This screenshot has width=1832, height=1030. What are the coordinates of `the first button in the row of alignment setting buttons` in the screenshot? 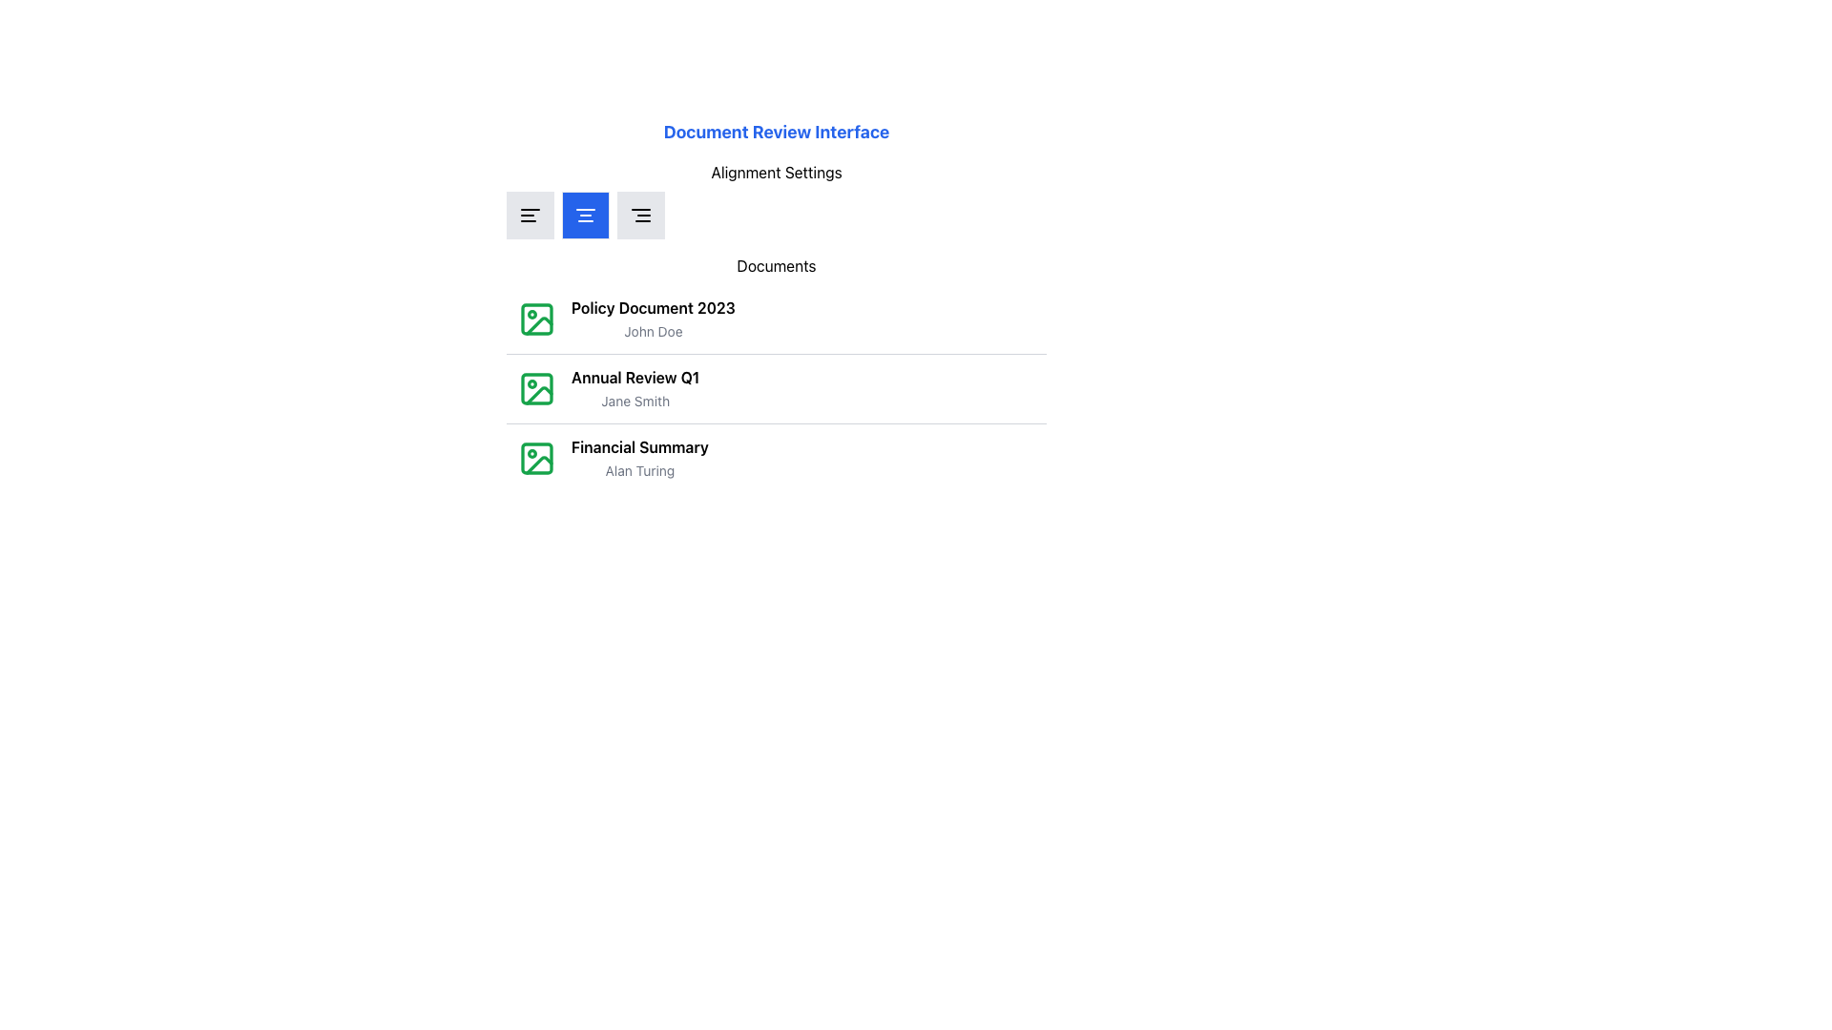 It's located at (531, 215).